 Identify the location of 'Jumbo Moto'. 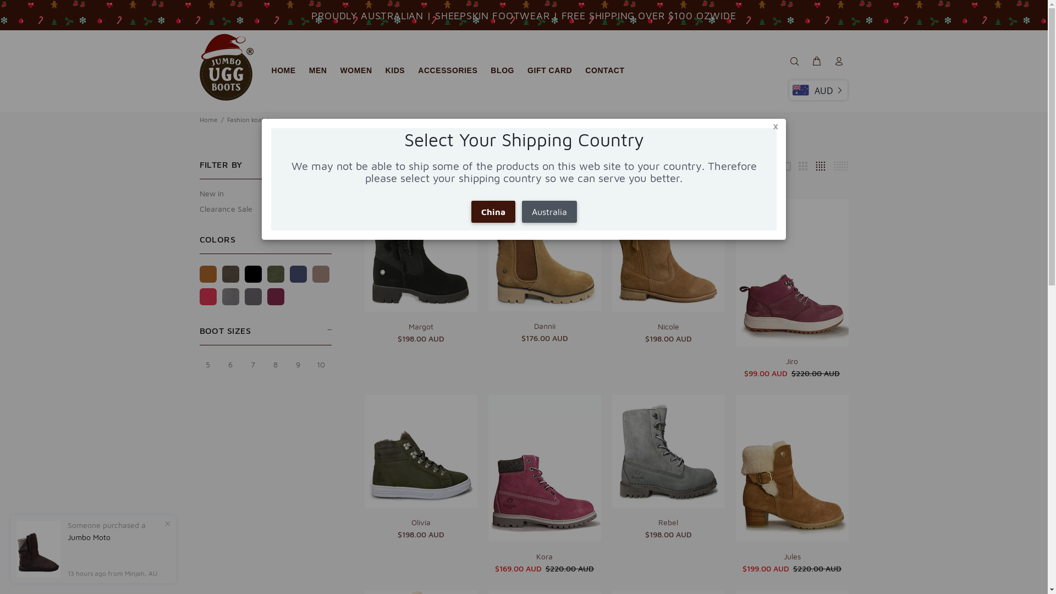
(89, 536).